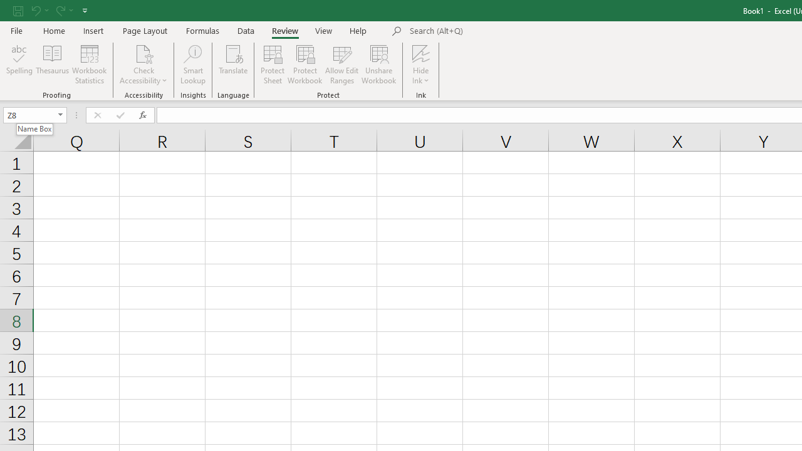 Image resolution: width=802 pixels, height=451 pixels. Describe the element at coordinates (233, 65) in the screenshot. I see `'Translate'` at that location.